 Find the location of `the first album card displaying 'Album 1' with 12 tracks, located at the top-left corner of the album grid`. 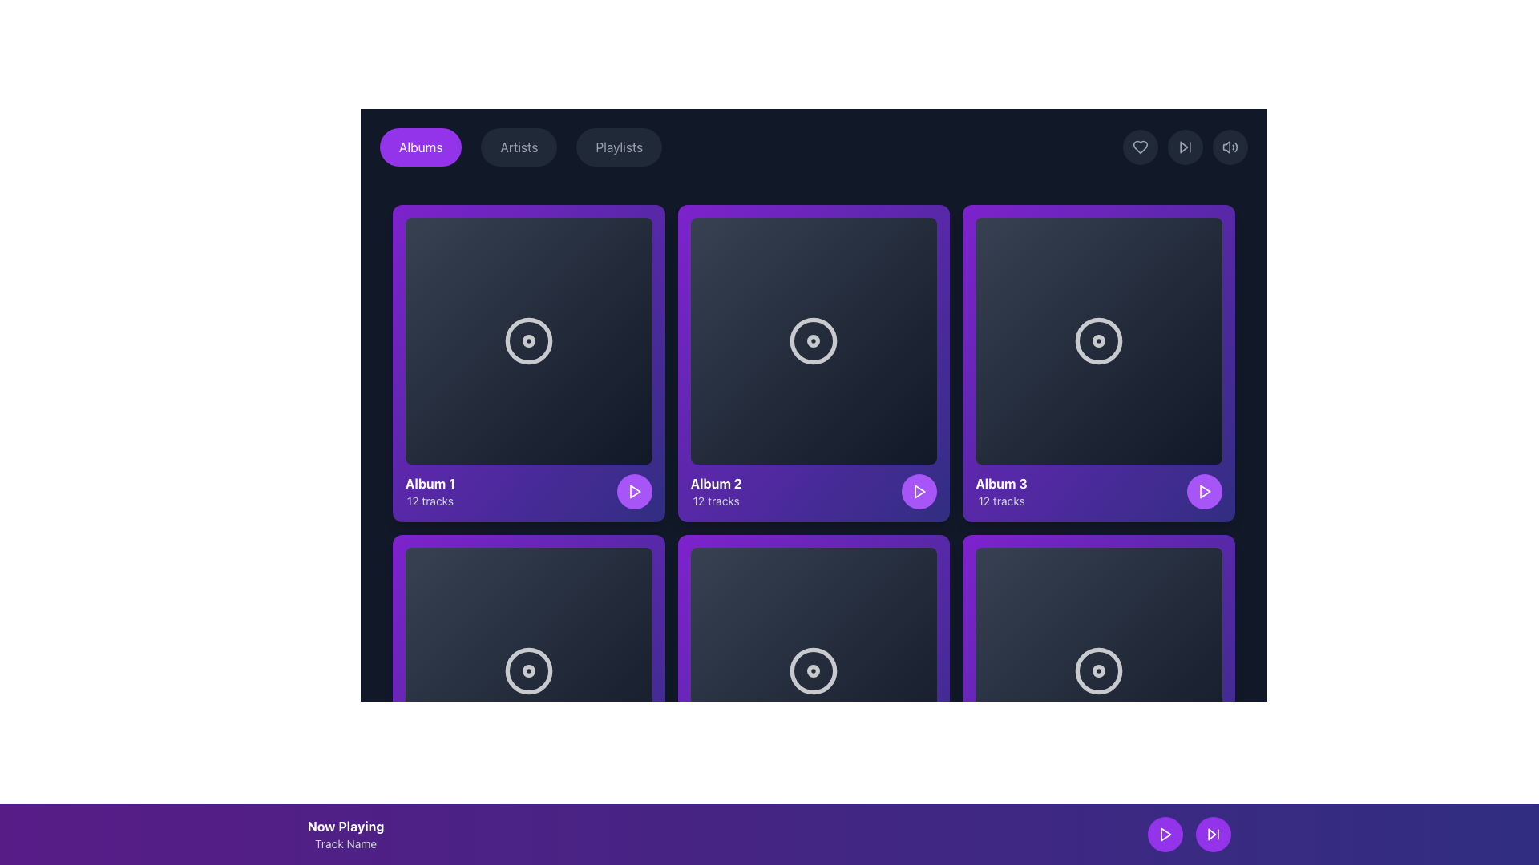

the first album card displaying 'Album 1' with 12 tracks, located at the top-left corner of the album grid is located at coordinates (528, 363).